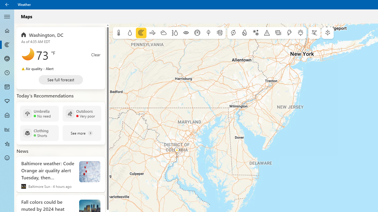 This screenshot has width=378, height=212. What do you see at coordinates (7, 31) in the screenshot?
I see `'Forecast - Not Selected'` at bounding box center [7, 31].